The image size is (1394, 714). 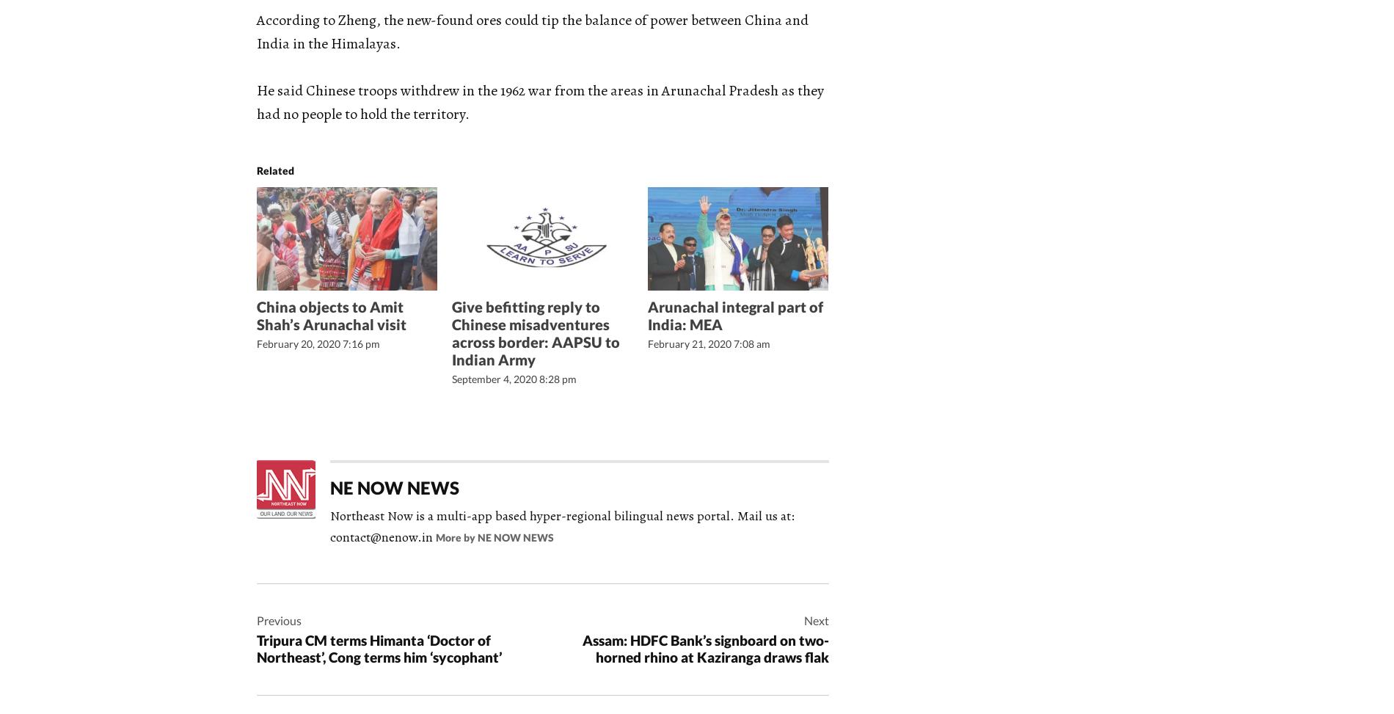 What do you see at coordinates (395, 486) in the screenshot?
I see `'NE NOW NEWS'` at bounding box center [395, 486].